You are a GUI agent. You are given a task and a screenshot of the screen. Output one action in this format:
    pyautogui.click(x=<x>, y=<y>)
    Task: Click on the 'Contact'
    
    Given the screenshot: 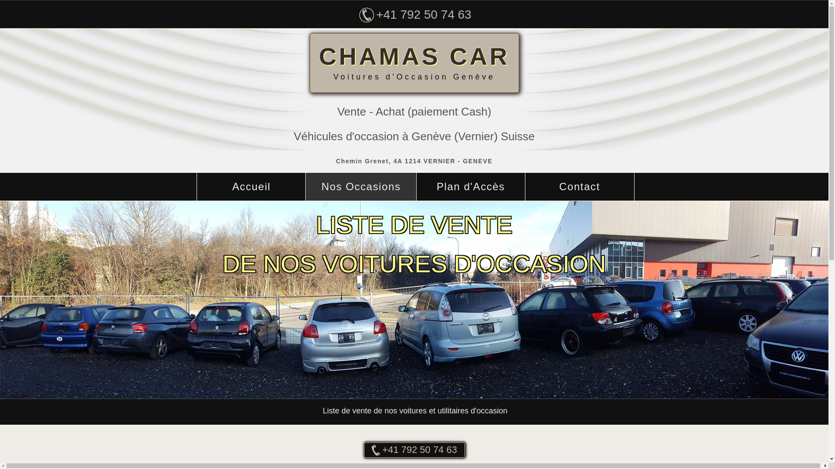 What is the action you would take?
    pyautogui.click(x=580, y=186)
    